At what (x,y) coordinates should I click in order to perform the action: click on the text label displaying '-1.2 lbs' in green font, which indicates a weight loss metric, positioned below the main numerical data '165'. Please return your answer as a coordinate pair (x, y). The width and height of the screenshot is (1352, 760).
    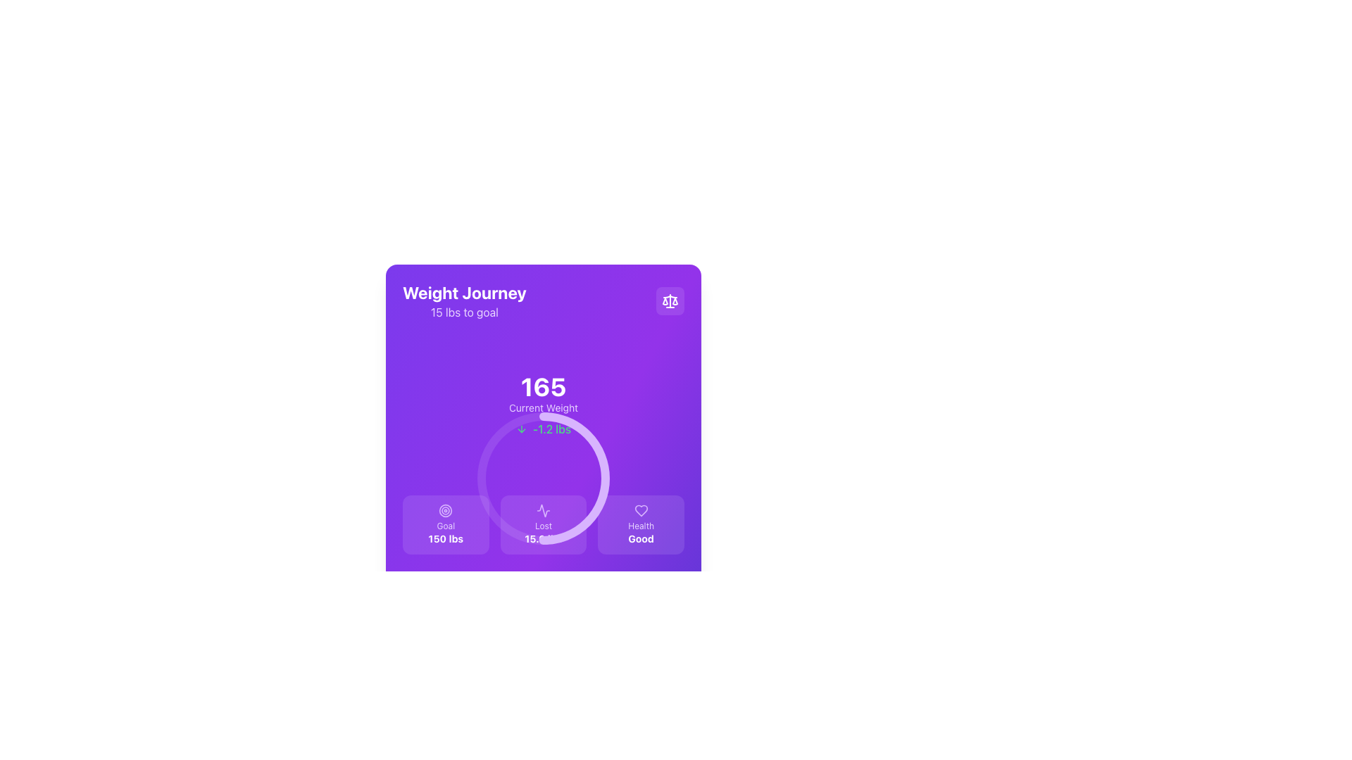
    Looking at the image, I should click on (551, 428).